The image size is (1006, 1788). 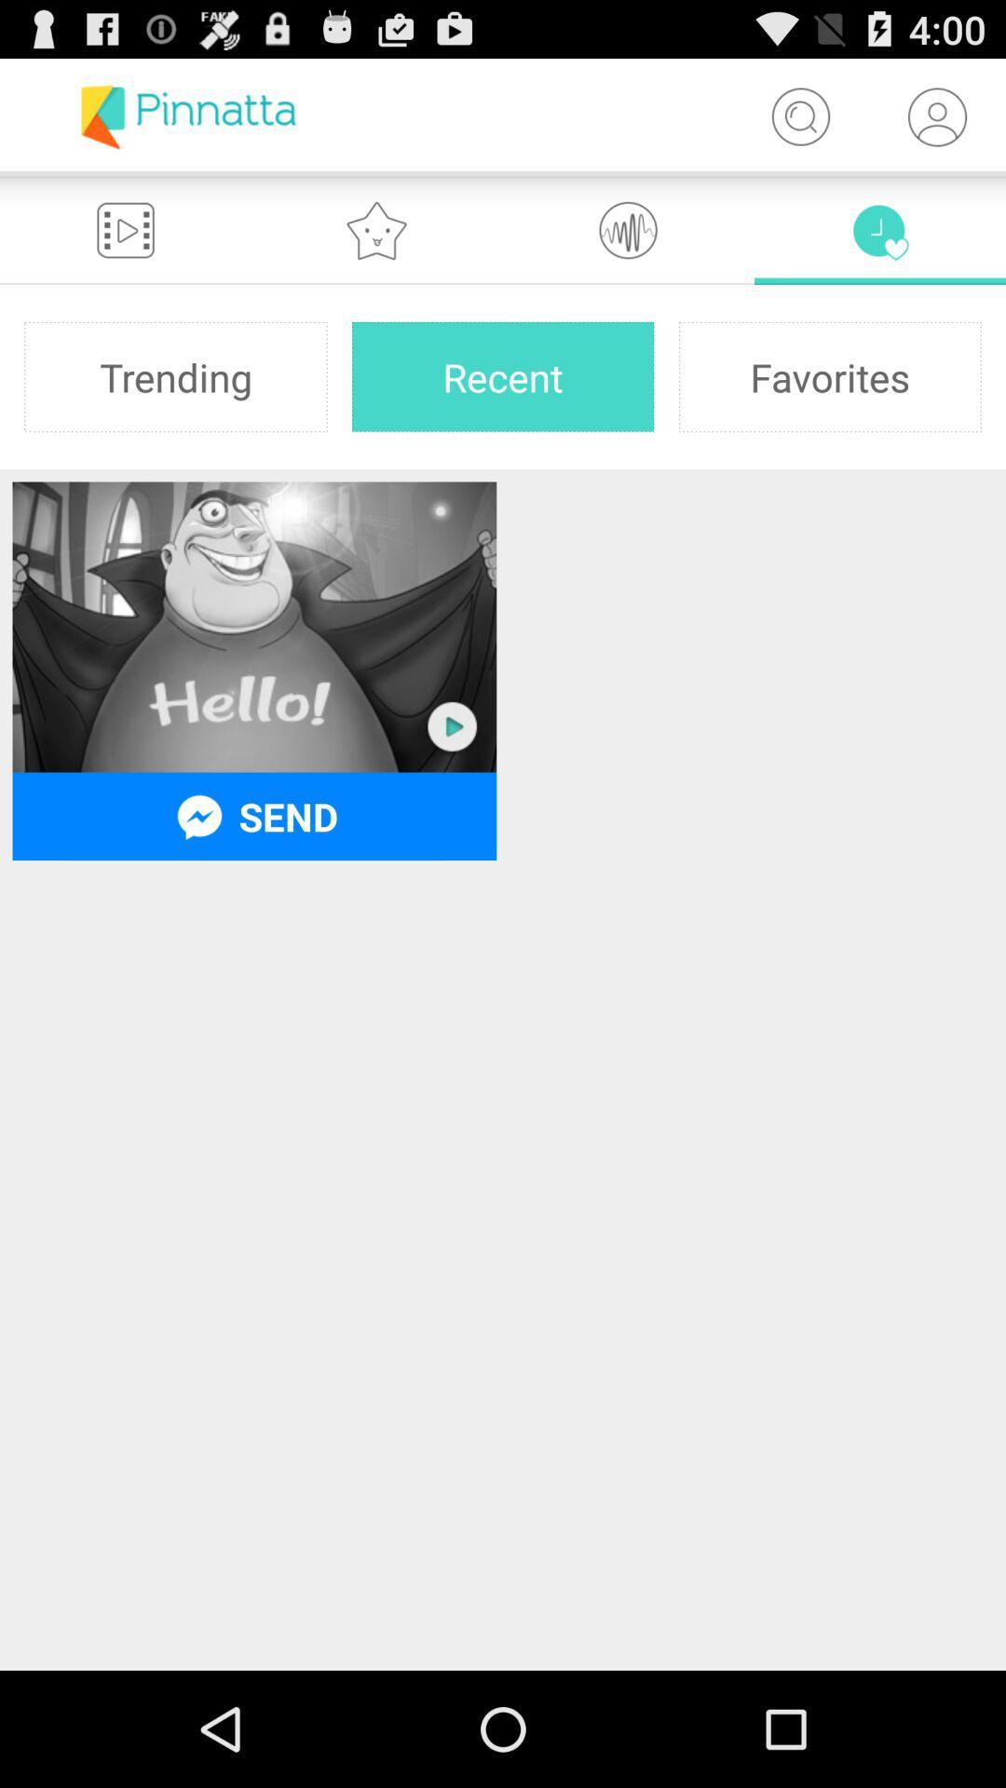 I want to click on the swap icon, so click(x=629, y=245).